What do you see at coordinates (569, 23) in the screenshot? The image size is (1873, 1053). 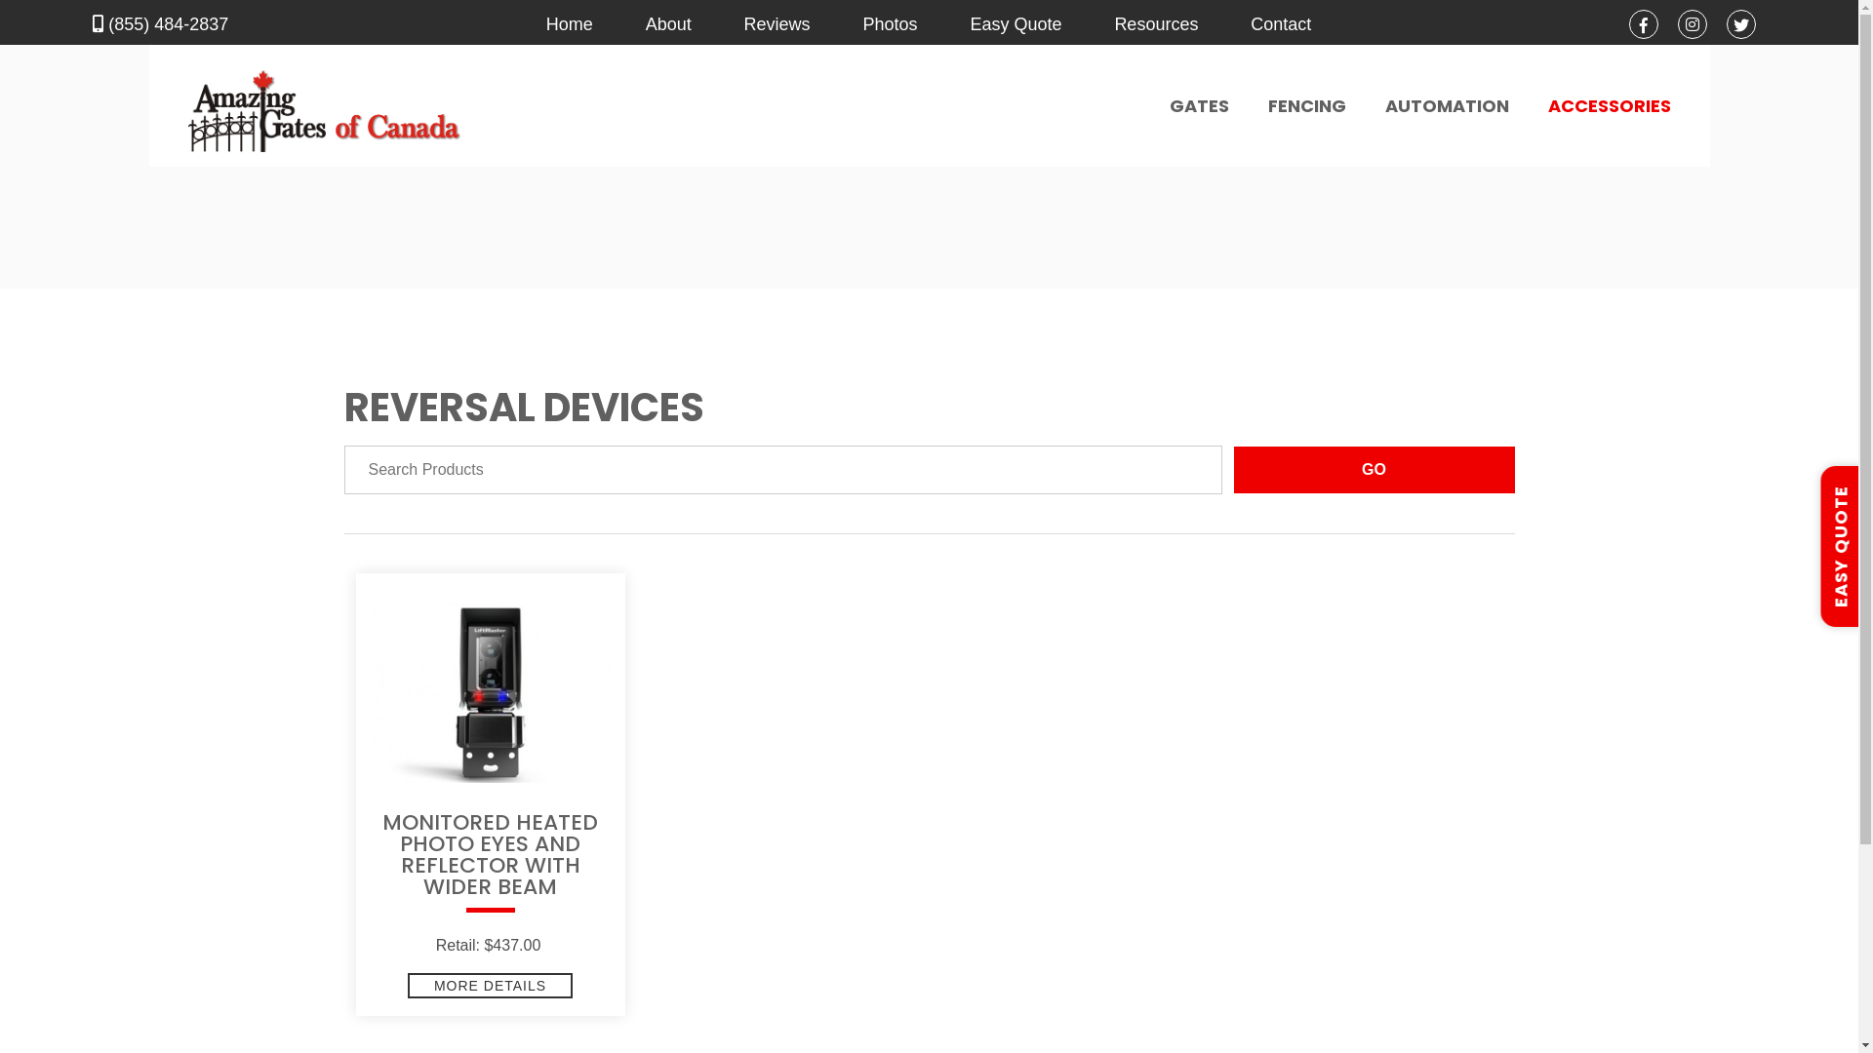 I see `'Home'` at bounding box center [569, 23].